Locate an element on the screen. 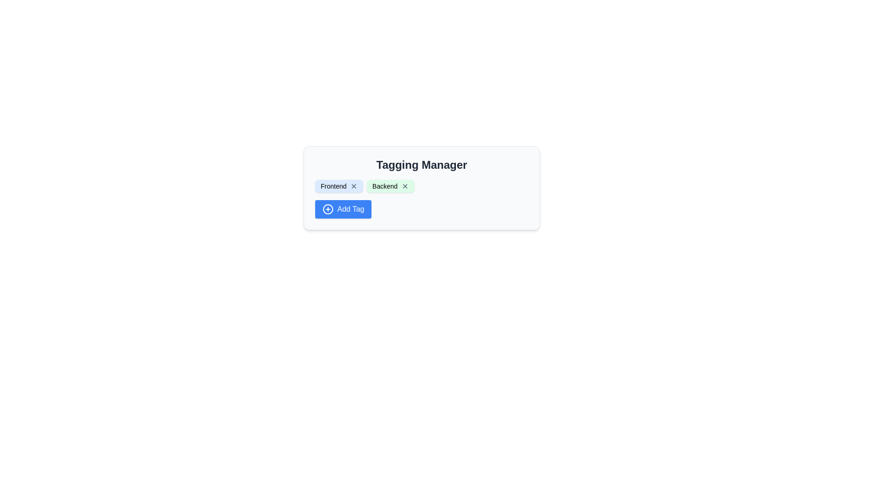 This screenshot has width=886, height=498. the tag label 'Backend' in the light green rounded box with a dismiss button, positioned to the right of the 'Frontend' tag in the 'Tagging Manager' section is located at coordinates (390, 186).